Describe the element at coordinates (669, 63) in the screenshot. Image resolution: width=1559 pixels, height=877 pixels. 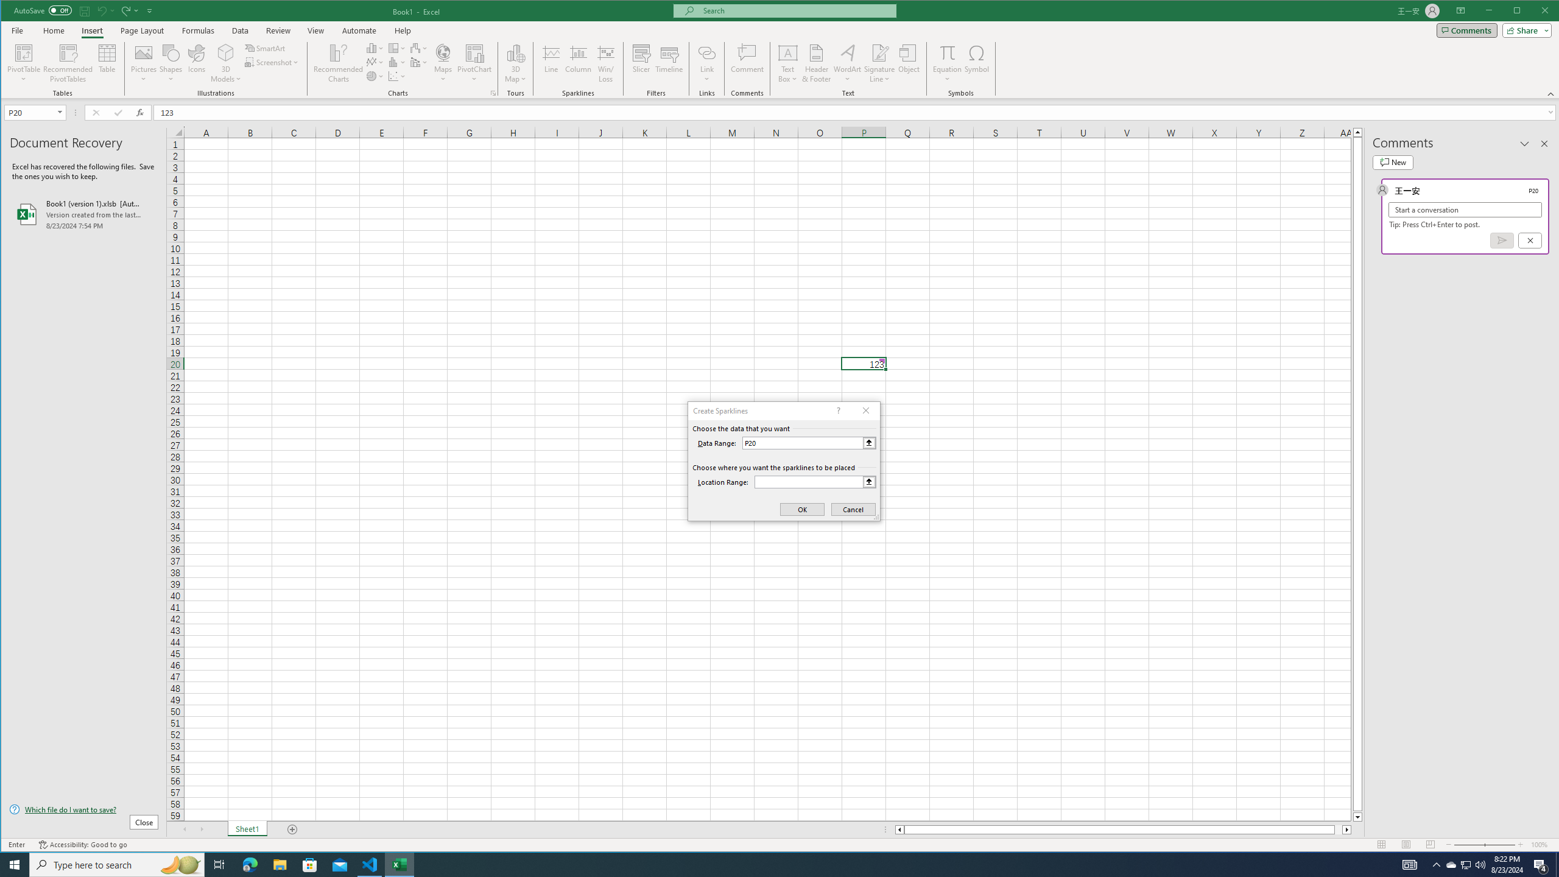
I see `'Timeline'` at that location.